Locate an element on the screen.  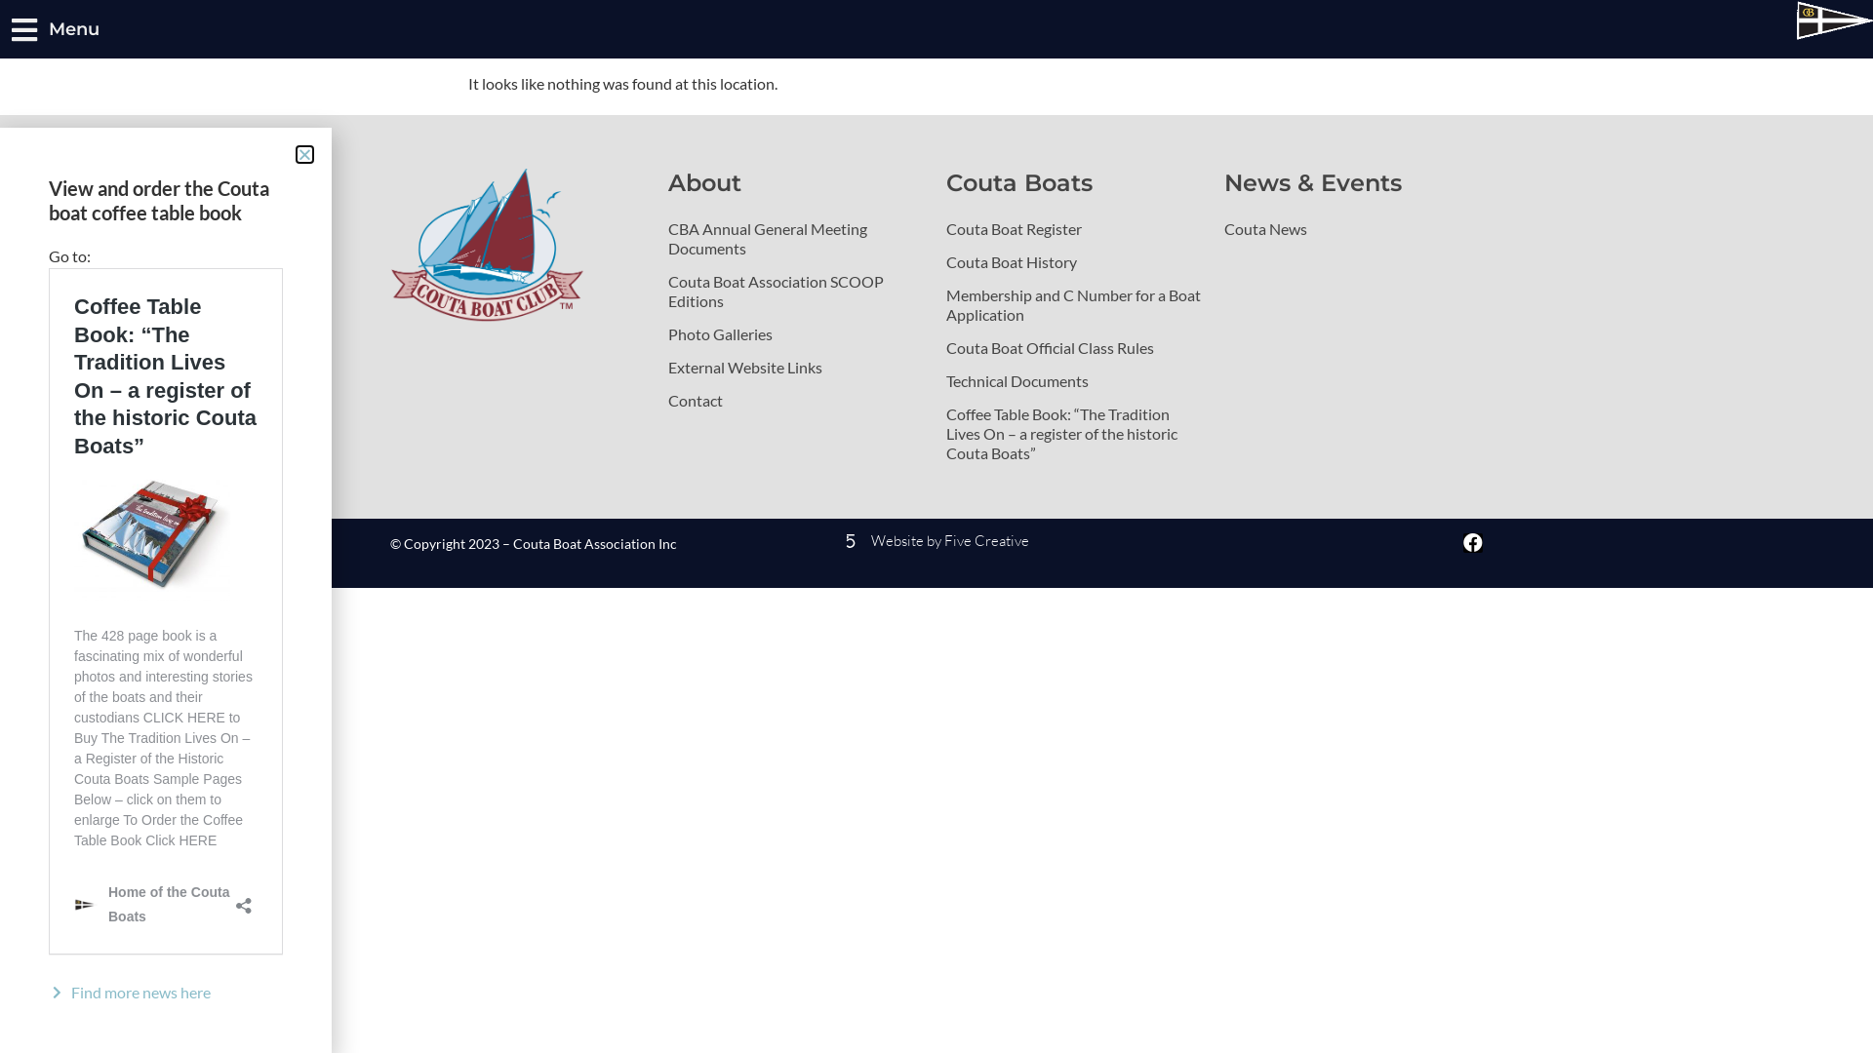
'External Website Links' is located at coordinates (797, 368).